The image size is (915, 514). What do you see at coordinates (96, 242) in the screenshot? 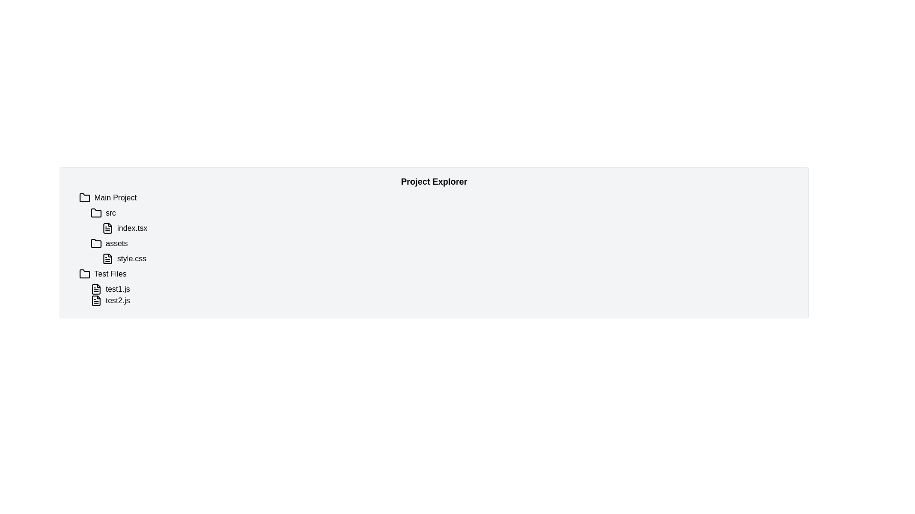
I see `the 'assets' folder icon` at bounding box center [96, 242].